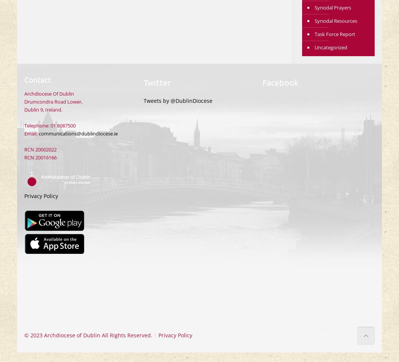 This screenshot has height=362, width=399. Describe the element at coordinates (157, 82) in the screenshot. I see `'Twitter'` at that location.